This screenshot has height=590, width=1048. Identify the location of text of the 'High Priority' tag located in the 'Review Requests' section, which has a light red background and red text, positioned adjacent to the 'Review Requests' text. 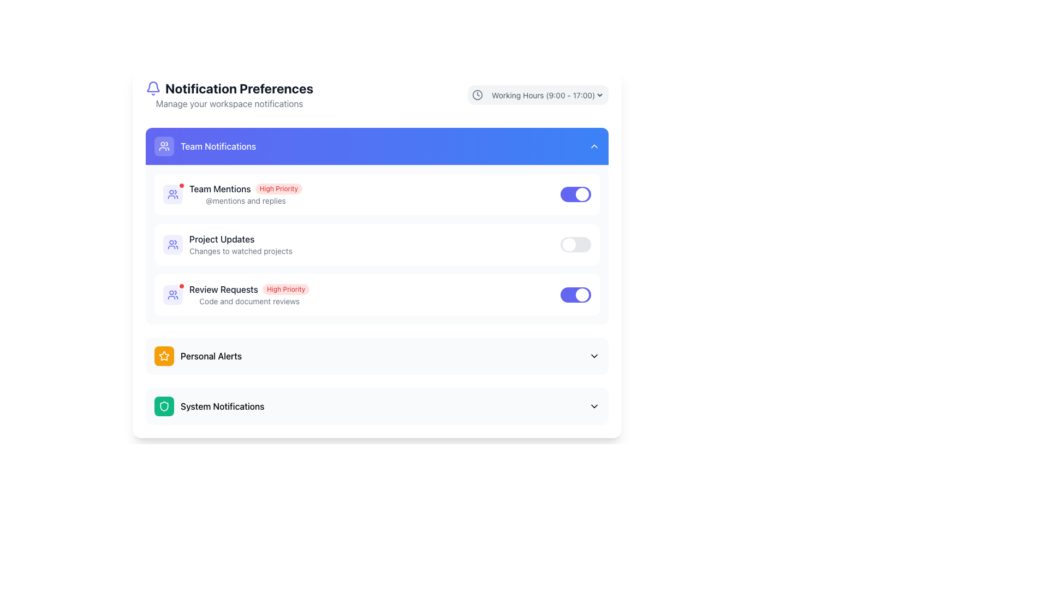
(286, 288).